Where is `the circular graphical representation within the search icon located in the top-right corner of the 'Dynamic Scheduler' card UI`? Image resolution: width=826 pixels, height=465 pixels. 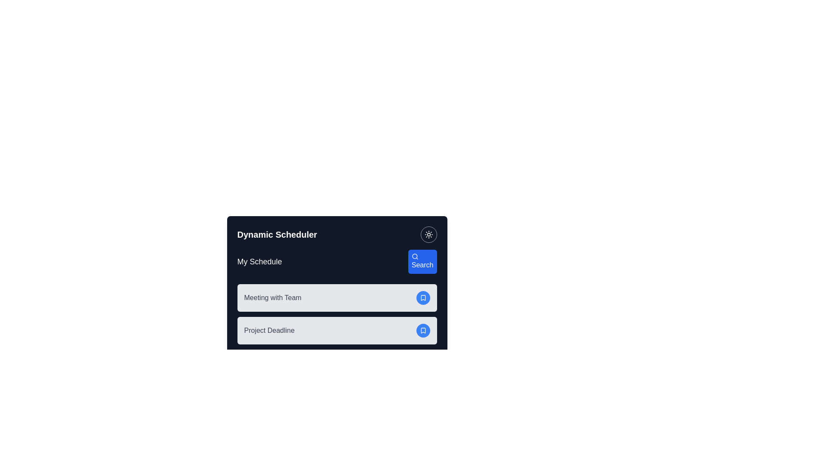 the circular graphical representation within the search icon located in the top-right corner of the 'Dynamic Scheduler' card UI is located at coordinates (415, 256).